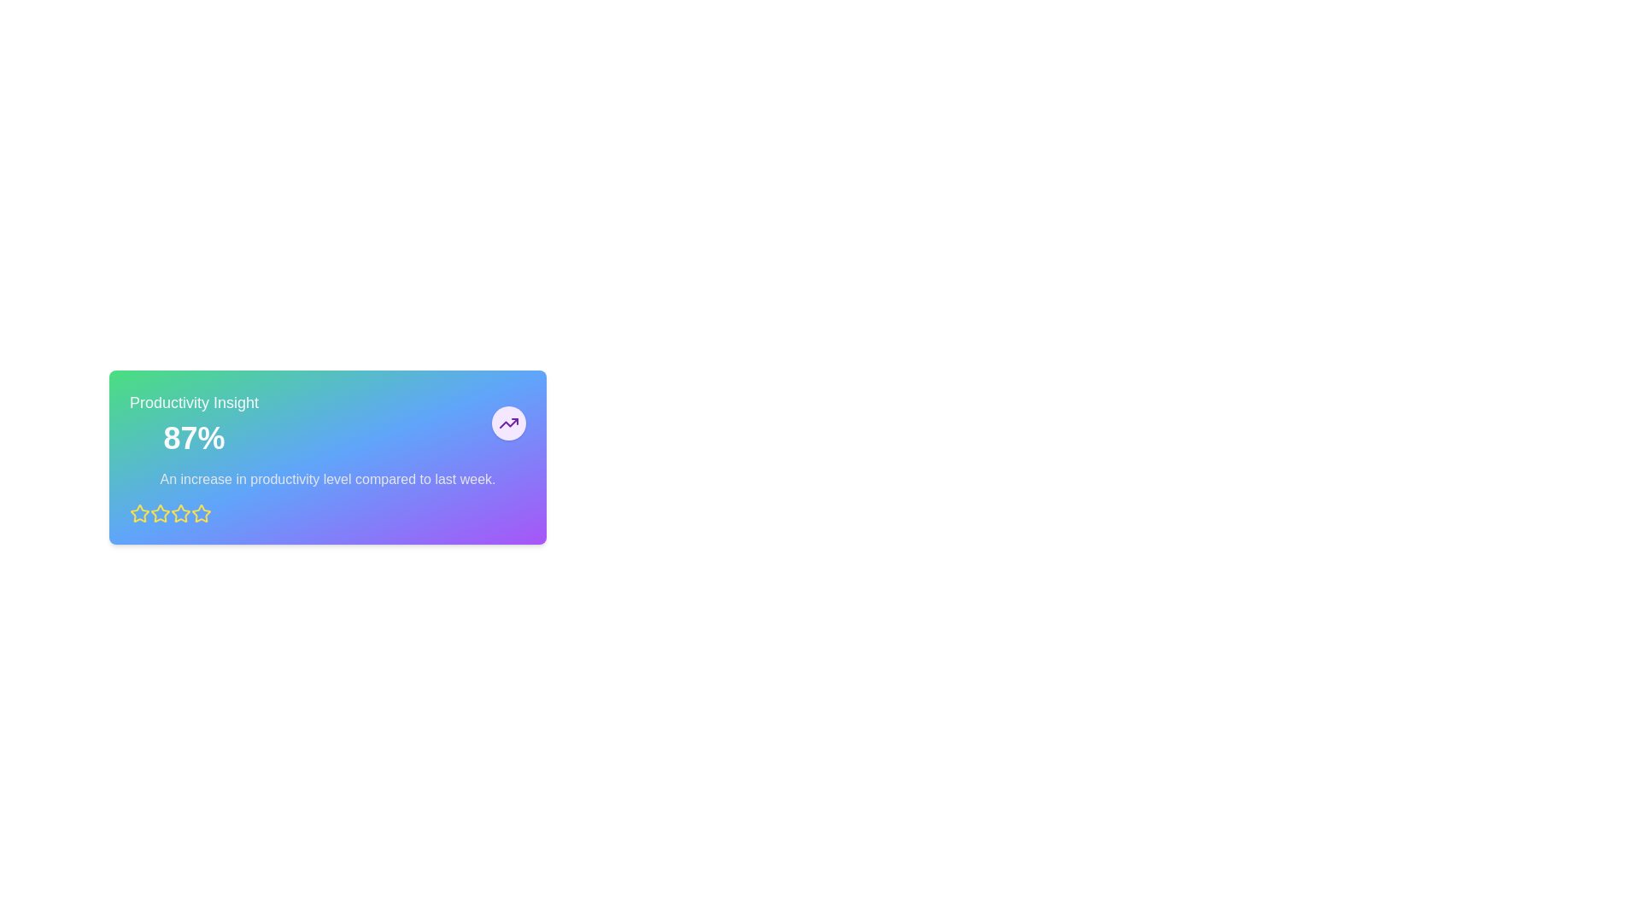 The image size is (1640, 922). Describe the element at coordinates (160, 512) in the screenshot. I see `the first star icon in a row of five, located at the bottom left of a card displaying productivity insights` at that location.